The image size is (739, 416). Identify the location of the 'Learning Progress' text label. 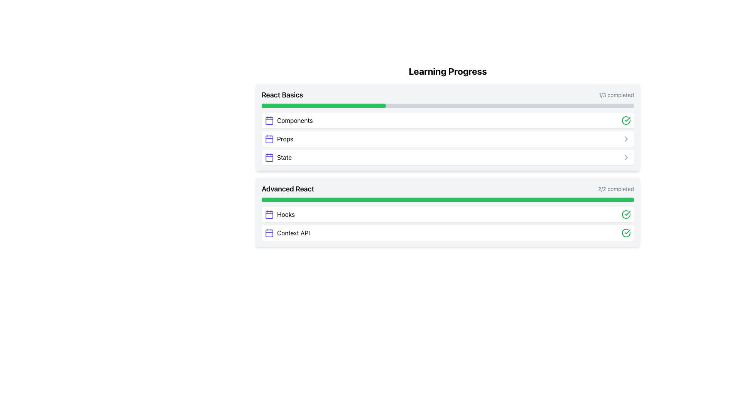
(448, 71).